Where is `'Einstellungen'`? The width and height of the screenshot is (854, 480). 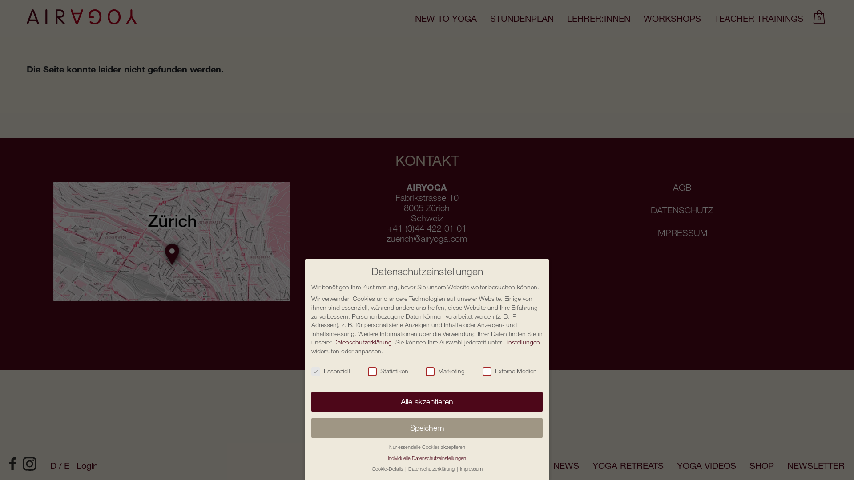 'Einstellungen' is located at coordinates (504, 341).